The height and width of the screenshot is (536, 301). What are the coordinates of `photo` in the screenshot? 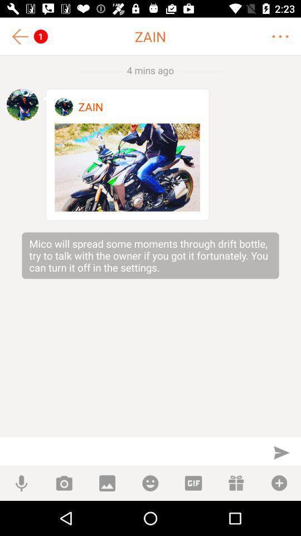 It's located at (64, 482).